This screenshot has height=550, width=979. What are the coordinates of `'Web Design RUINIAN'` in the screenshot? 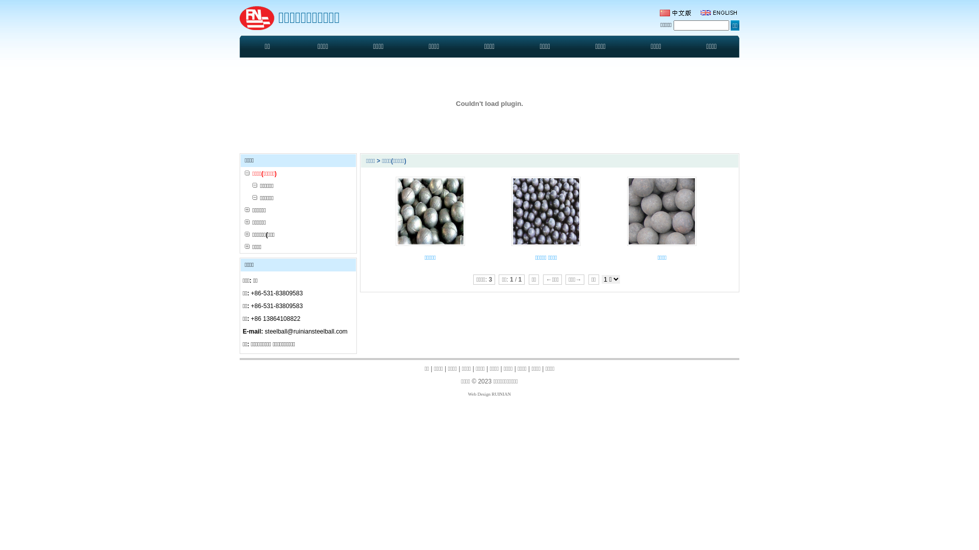 It's located at (467, 394).